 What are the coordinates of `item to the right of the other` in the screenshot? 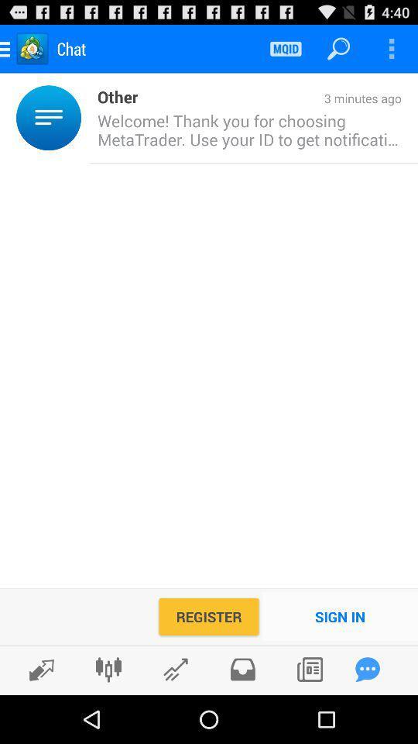 It's located at (269, 98).